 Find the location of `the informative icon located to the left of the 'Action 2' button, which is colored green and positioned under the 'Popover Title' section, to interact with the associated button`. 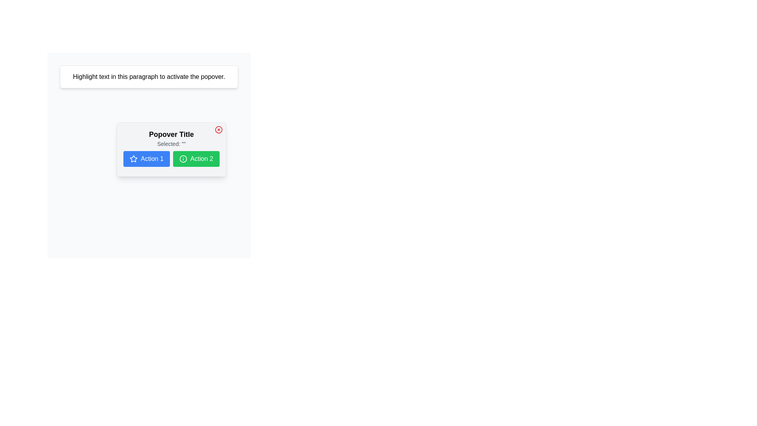

the informative icon located to the left of the 'Action 2' button, which is colored green and positioned under the 'Popover Title' section, to interact with the associated button is located at coordinates (183, 159).